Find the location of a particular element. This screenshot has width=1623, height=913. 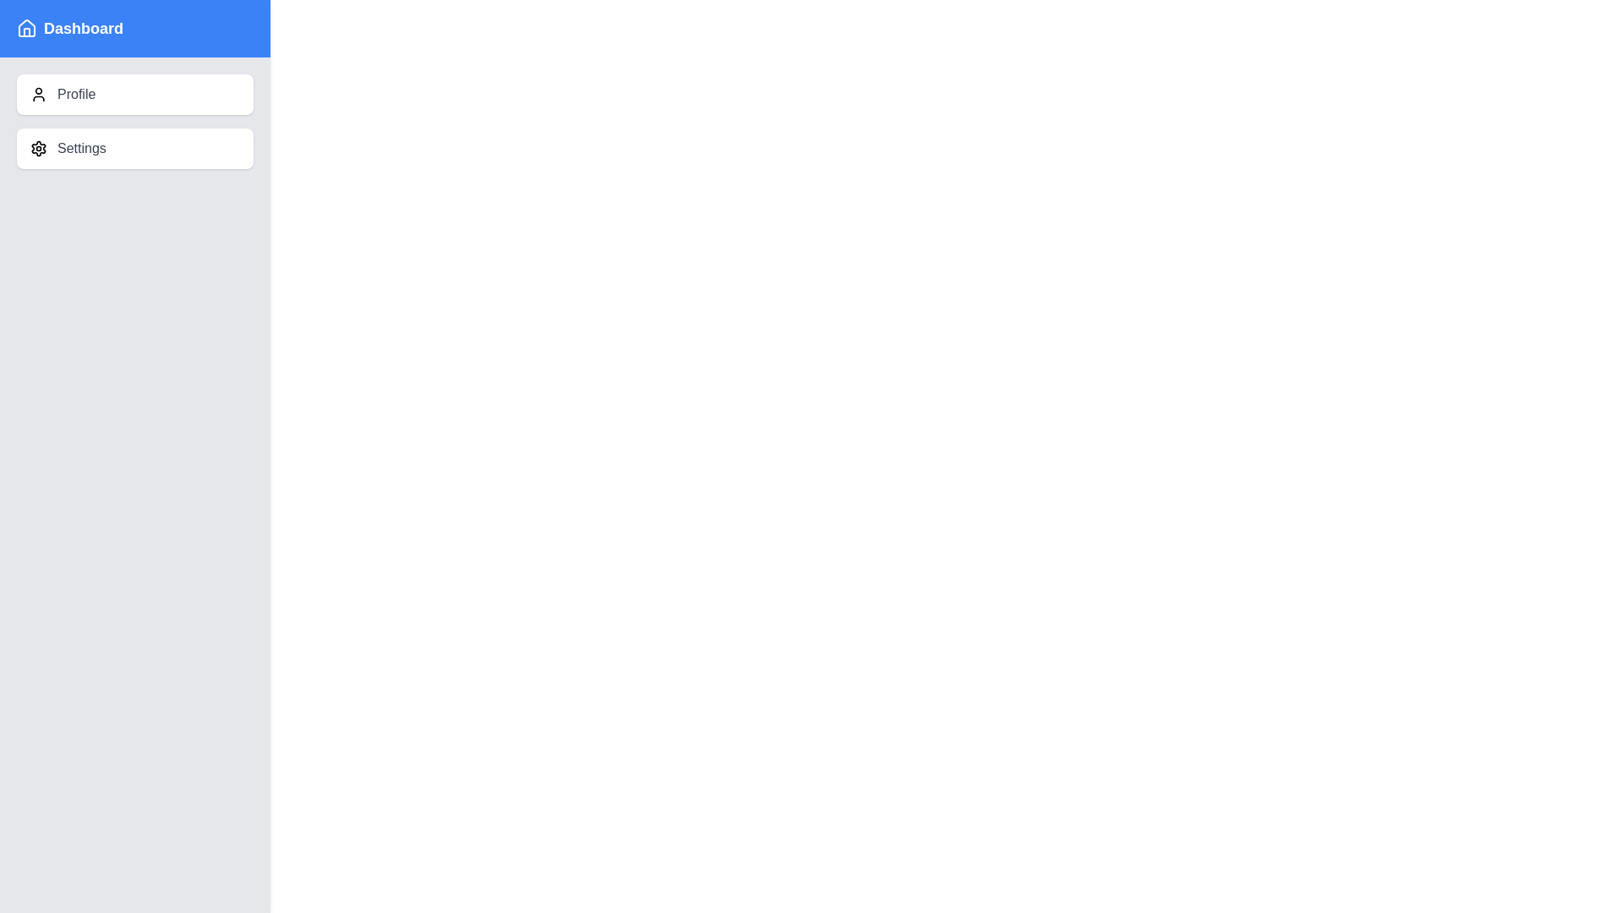

the 'Dashboard' title to inspect it is located at coordinates (134, 29).